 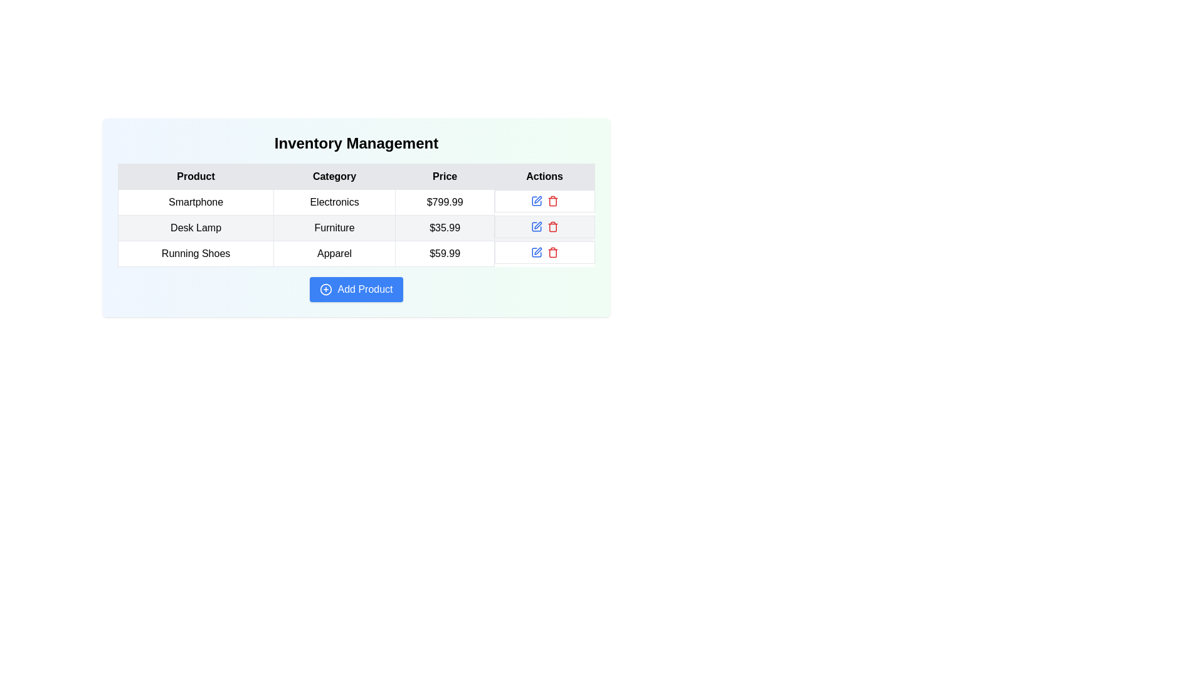 I want to click on the interactive button with an icon in the 'Actions' column of the second row, so click(x=536, y=226).